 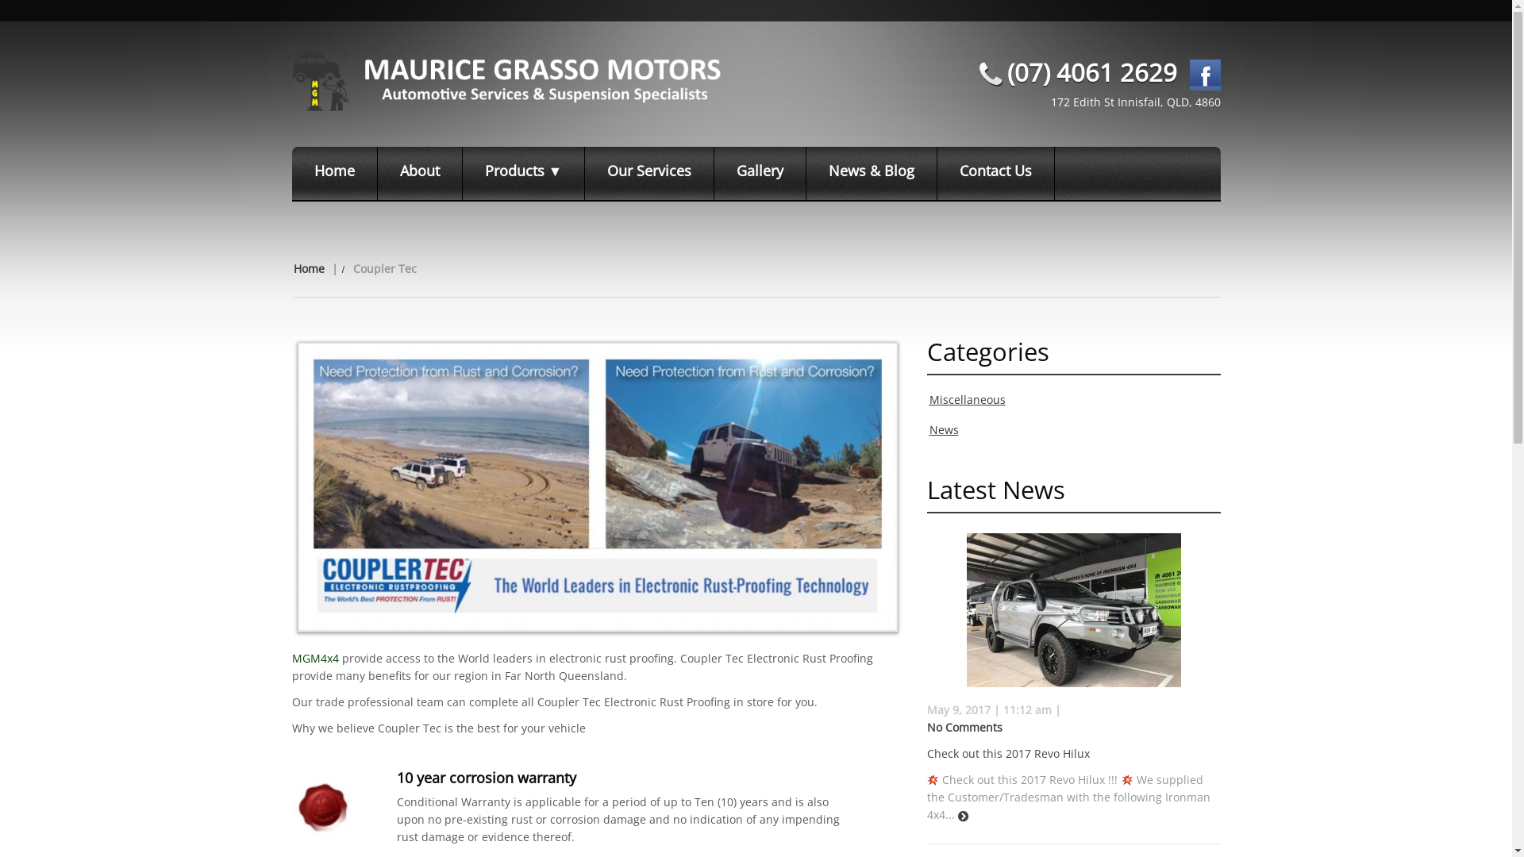 I want to click on 'Contact Us', so click(x=995, y=173).